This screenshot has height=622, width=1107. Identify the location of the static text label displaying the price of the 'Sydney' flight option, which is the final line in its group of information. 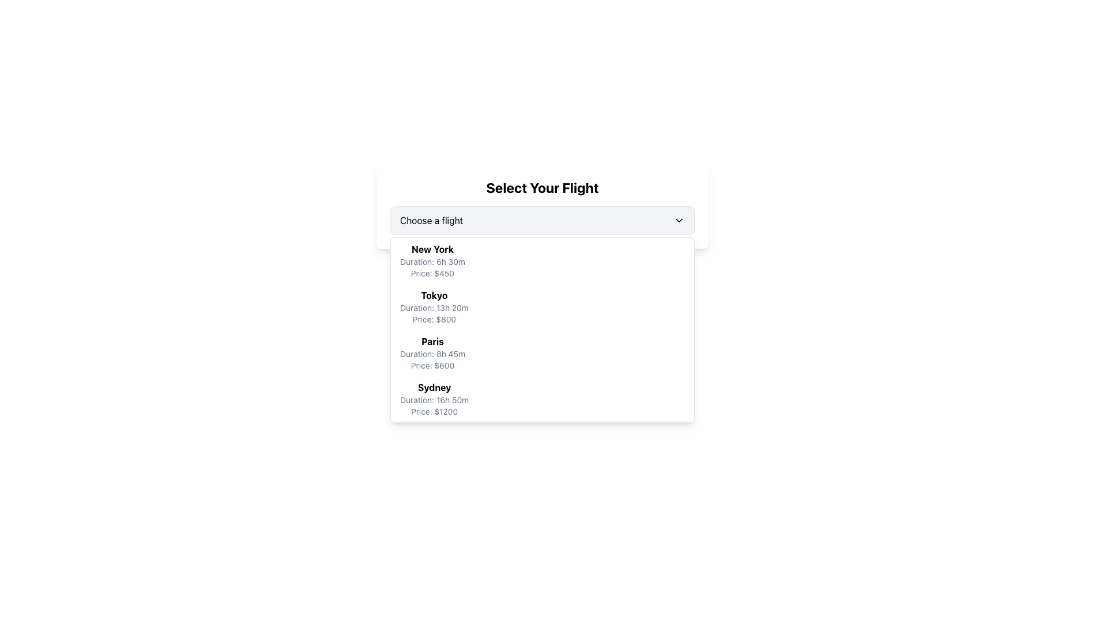
(434, 411).